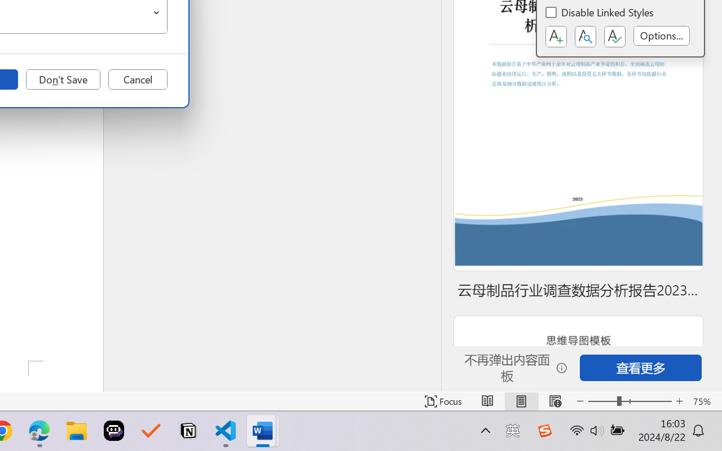 The height and width of the screenshot is (451, 722). I want to click on 'Zoom', so click(629, 401).